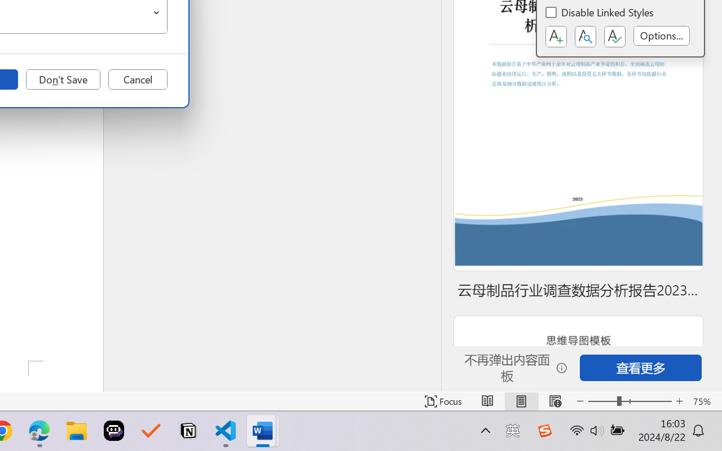 The height and width of the screenshot is (451, 722). I want to click on 'Zoom', so click(629, 401).